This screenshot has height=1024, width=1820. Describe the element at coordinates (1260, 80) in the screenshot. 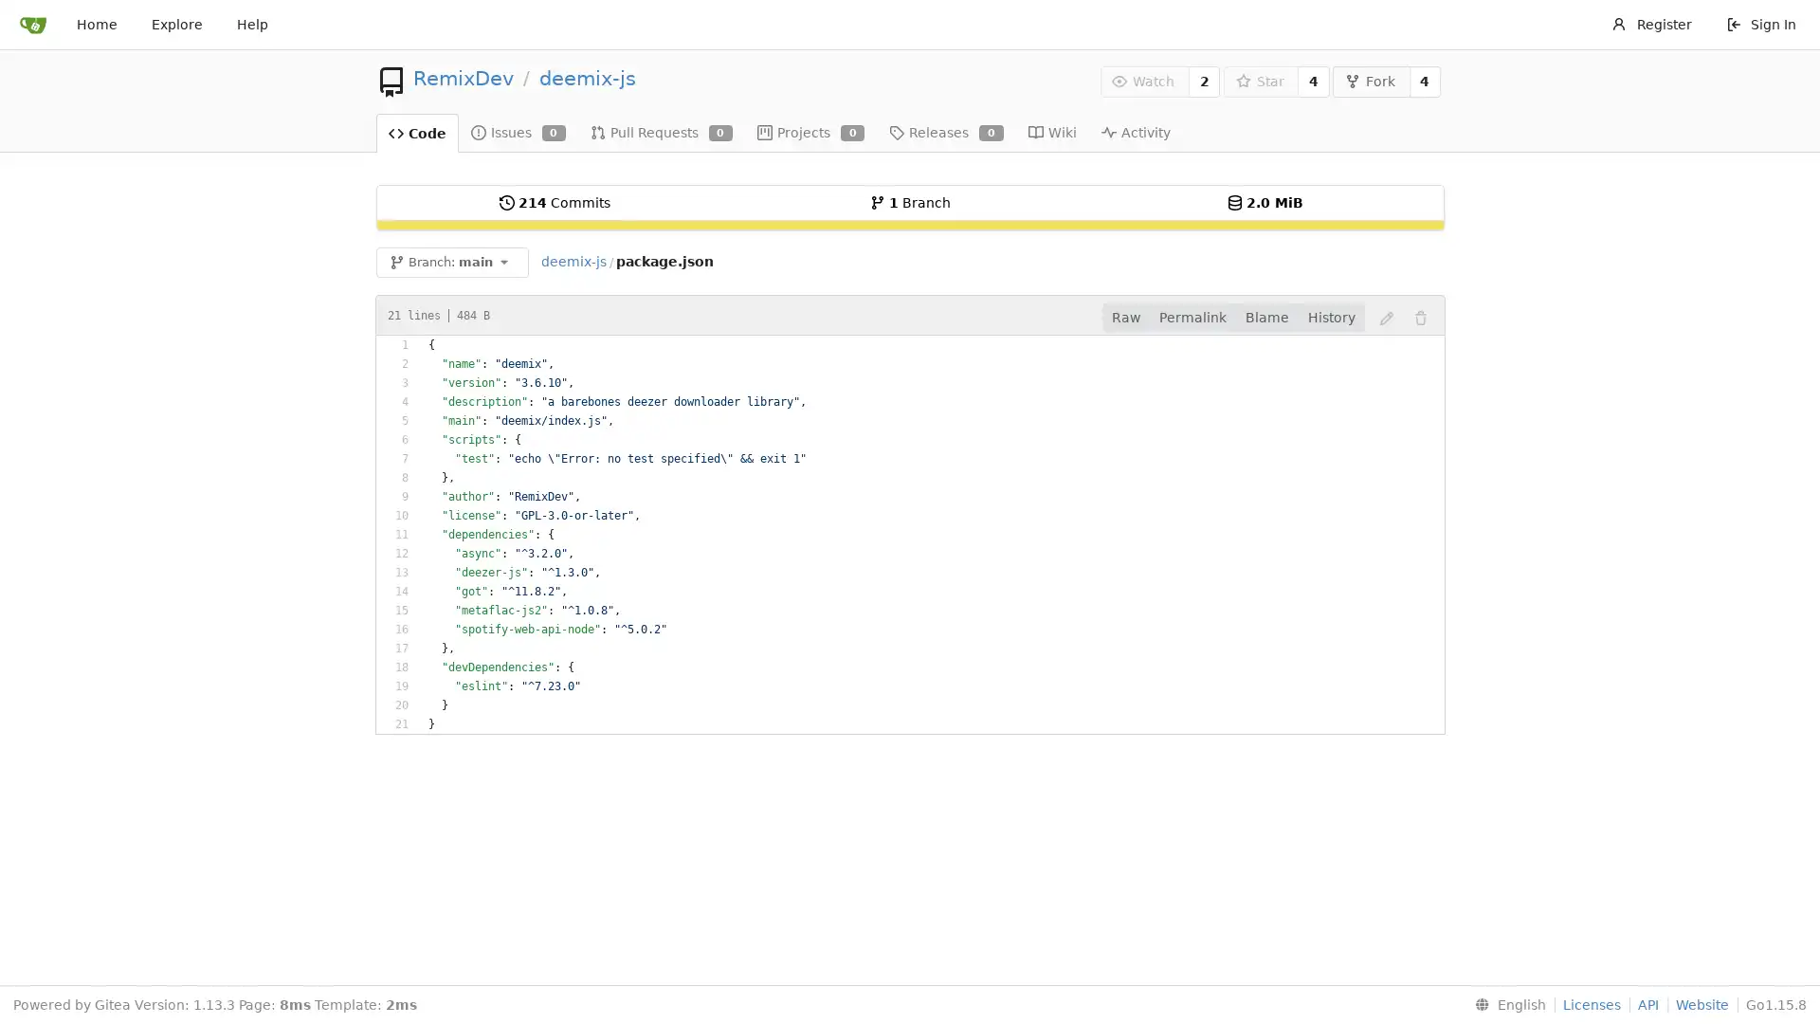

I see `Star` at that location.